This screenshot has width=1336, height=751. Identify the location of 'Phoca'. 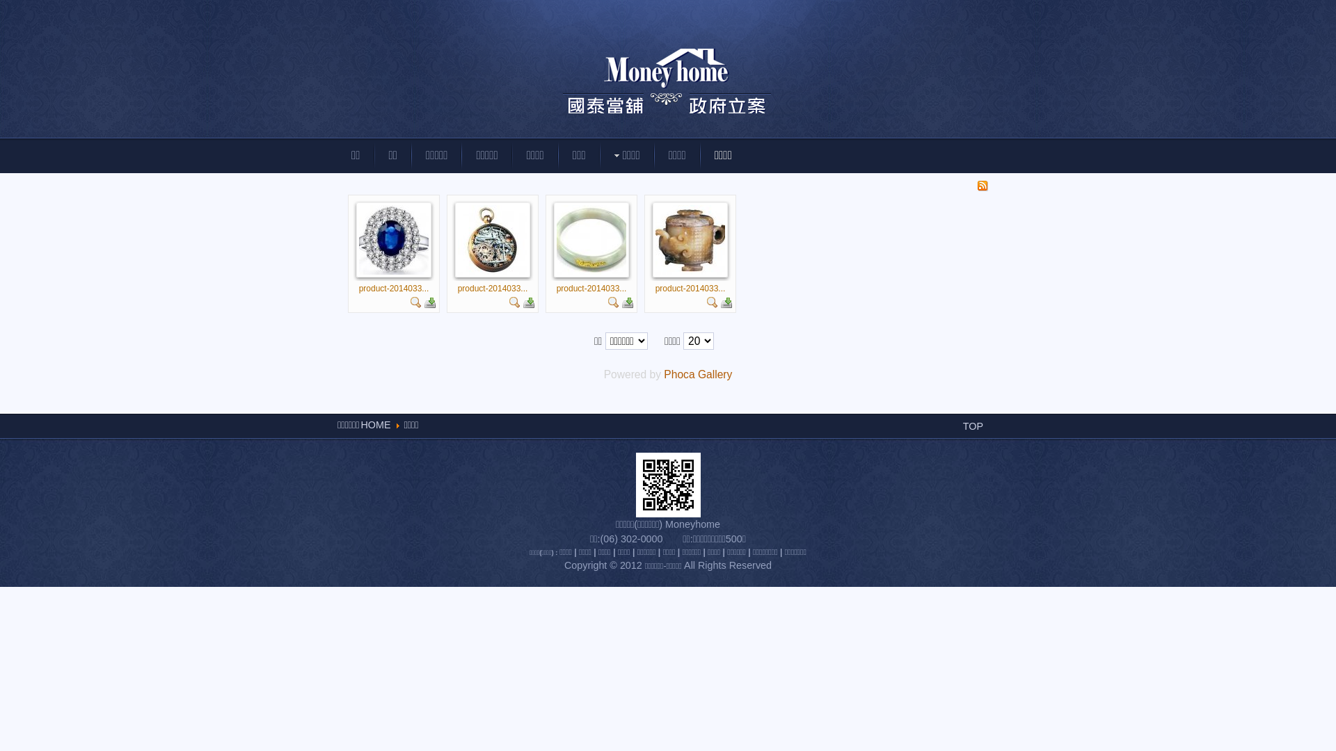
(678, 373).